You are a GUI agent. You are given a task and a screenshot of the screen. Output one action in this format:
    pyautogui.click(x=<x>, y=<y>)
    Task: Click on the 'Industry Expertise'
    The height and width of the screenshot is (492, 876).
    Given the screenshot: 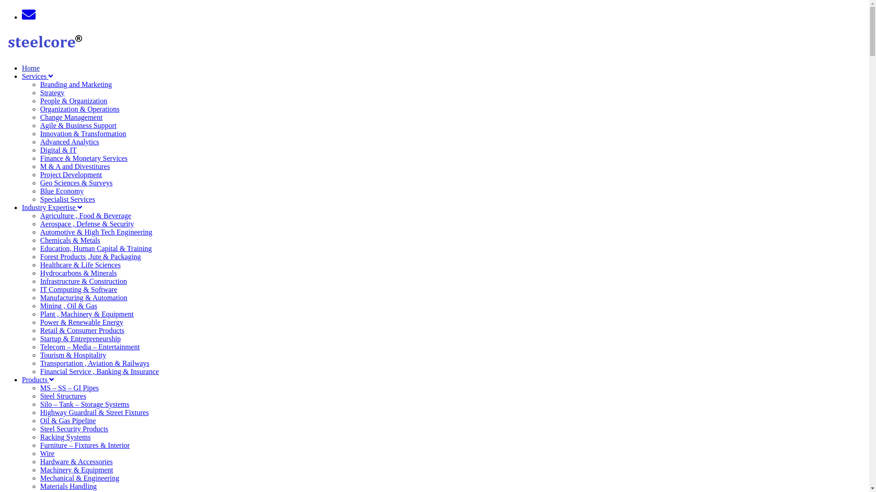 What is the action you would take?
    pyautogui.click(x=52, y=207)
    